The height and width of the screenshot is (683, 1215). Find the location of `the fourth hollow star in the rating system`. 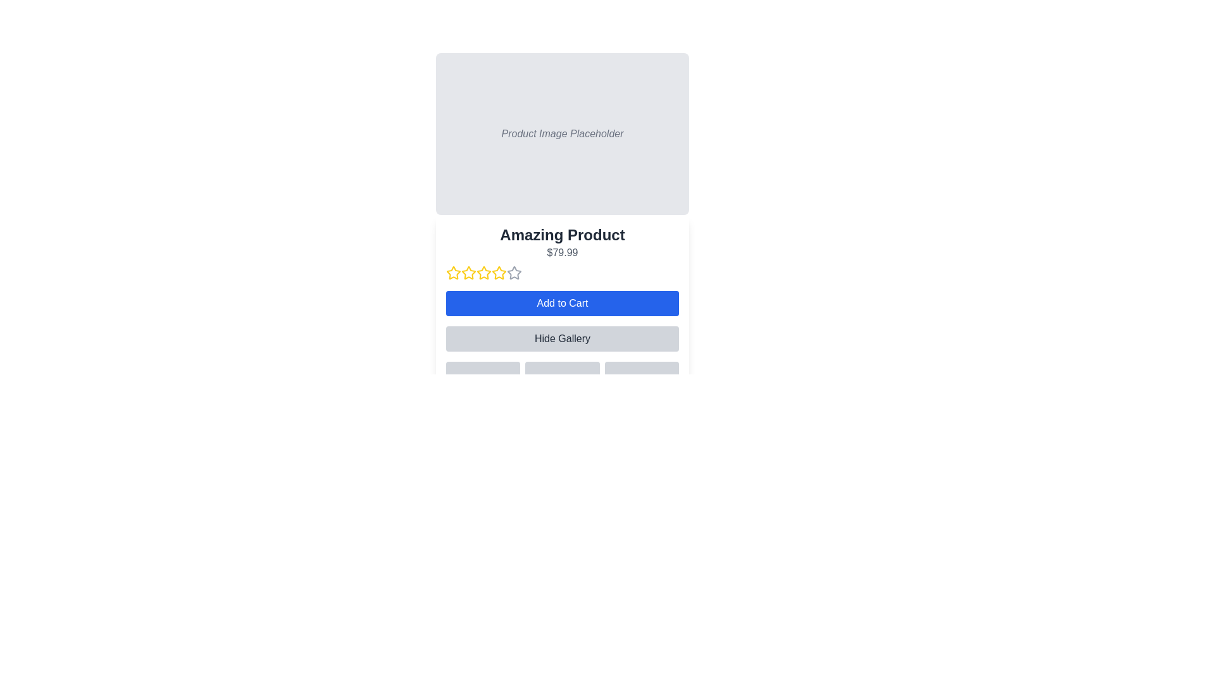

the fourth hollow star in the rating system is located at coordinates (514, 272).